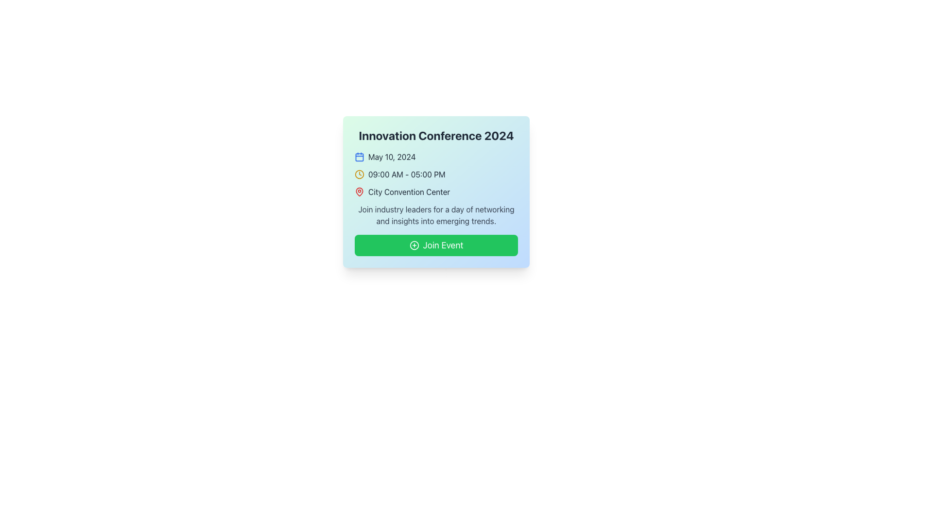  I want to click on the green rounded rectangular button labeled 'Join Event', so click(435, 245).